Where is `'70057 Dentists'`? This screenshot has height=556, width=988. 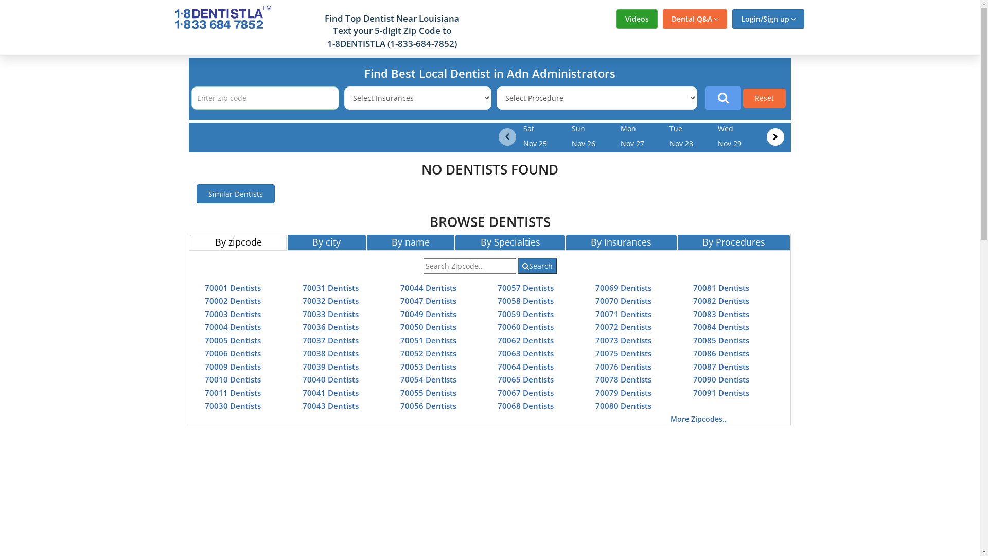
'70057 Dentists' is located at coordinates (525, 287).